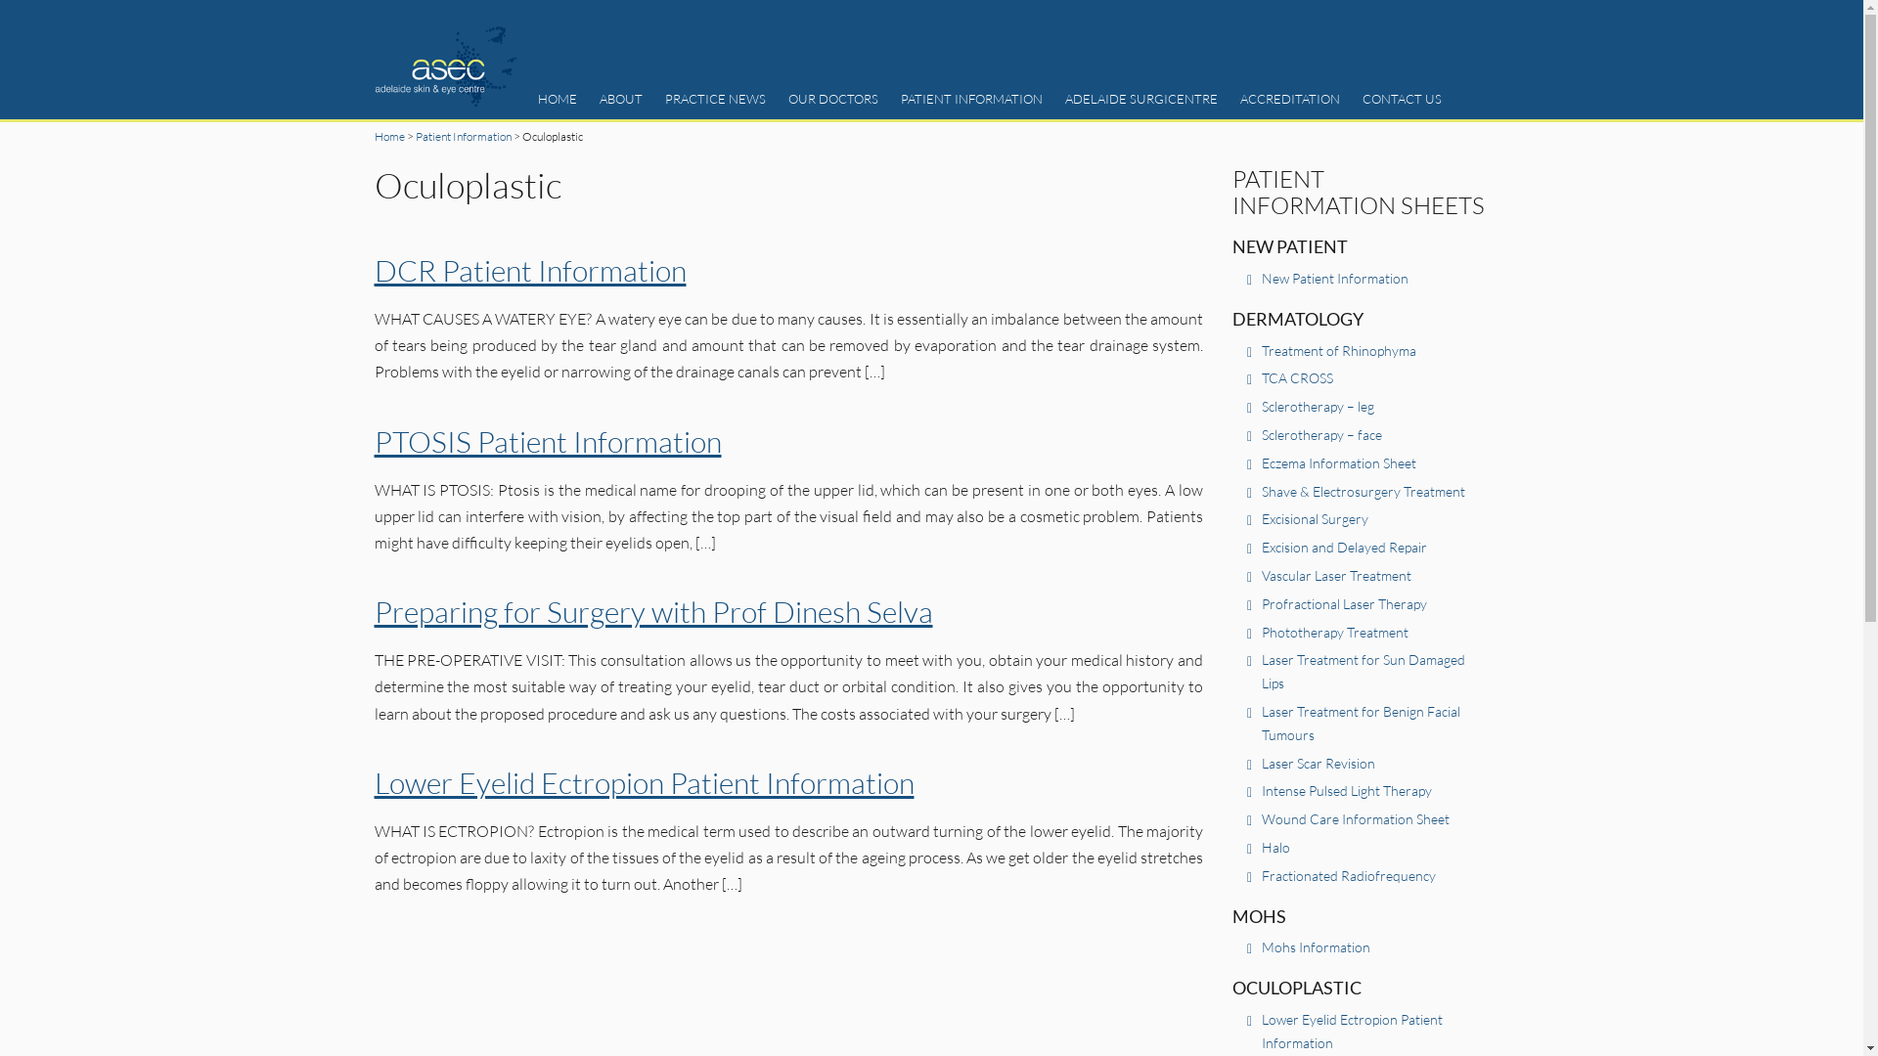 Image resolution: width=1878 pixels, height=1056 pixels. What do you see at coordinates (890, 98) in the screenshot?
I see `'PATIENT INFORMATION'` at bounding box center [890, 98].